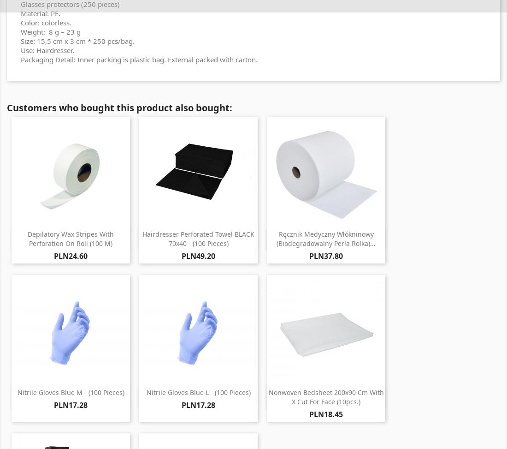  Describe the element at coordinates (51, 31) in the screenshot. I see `'Weight:  8 g – 23 g'` at that location.